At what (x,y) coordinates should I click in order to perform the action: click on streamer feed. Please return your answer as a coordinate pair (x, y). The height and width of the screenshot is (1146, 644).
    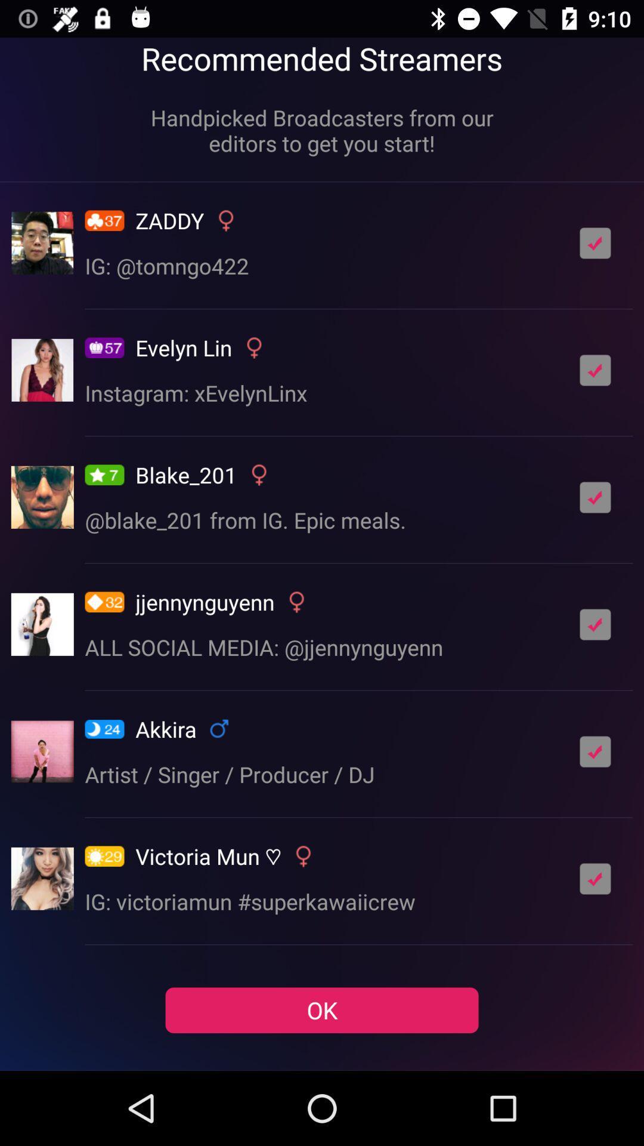
    Looking at the image, I should click on (595, 624).